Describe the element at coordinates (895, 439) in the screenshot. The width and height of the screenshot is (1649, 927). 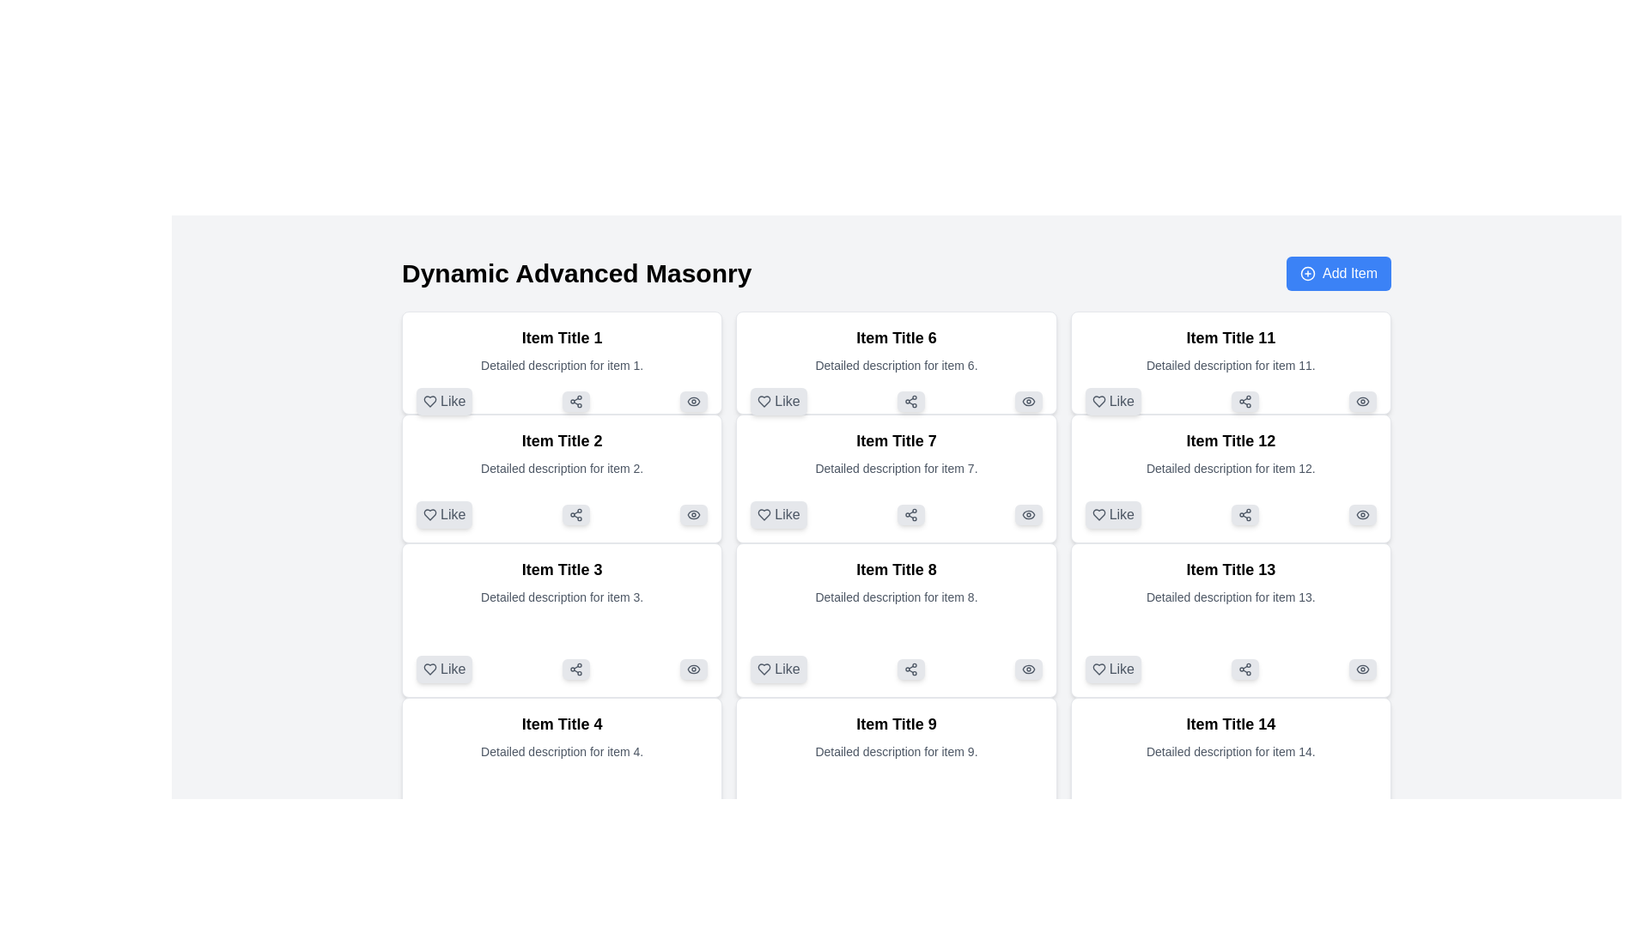
I see `text element displaying 'Item Title 7', which is styled in bold and larger than surrounding text, located in the second column and third row of the grid layout` at that location.